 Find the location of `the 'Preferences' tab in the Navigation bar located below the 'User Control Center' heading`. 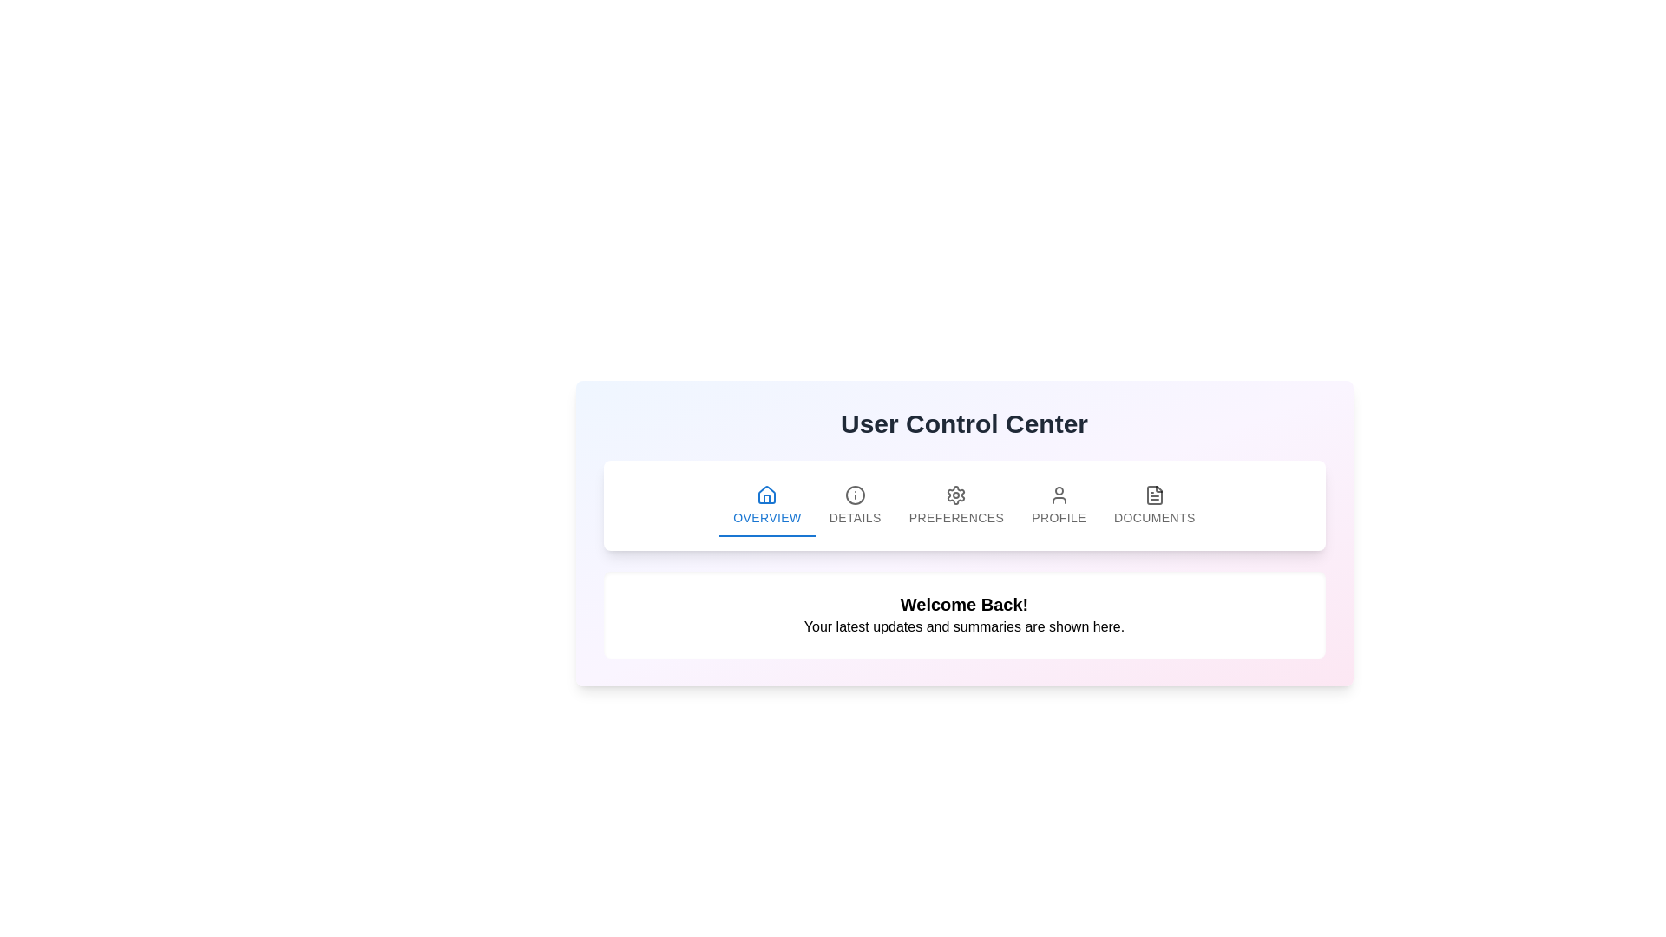

the 'Preferences' tab in the Navigation bar located below the 'User Control Center' heading is located at coordinates (963, 505).